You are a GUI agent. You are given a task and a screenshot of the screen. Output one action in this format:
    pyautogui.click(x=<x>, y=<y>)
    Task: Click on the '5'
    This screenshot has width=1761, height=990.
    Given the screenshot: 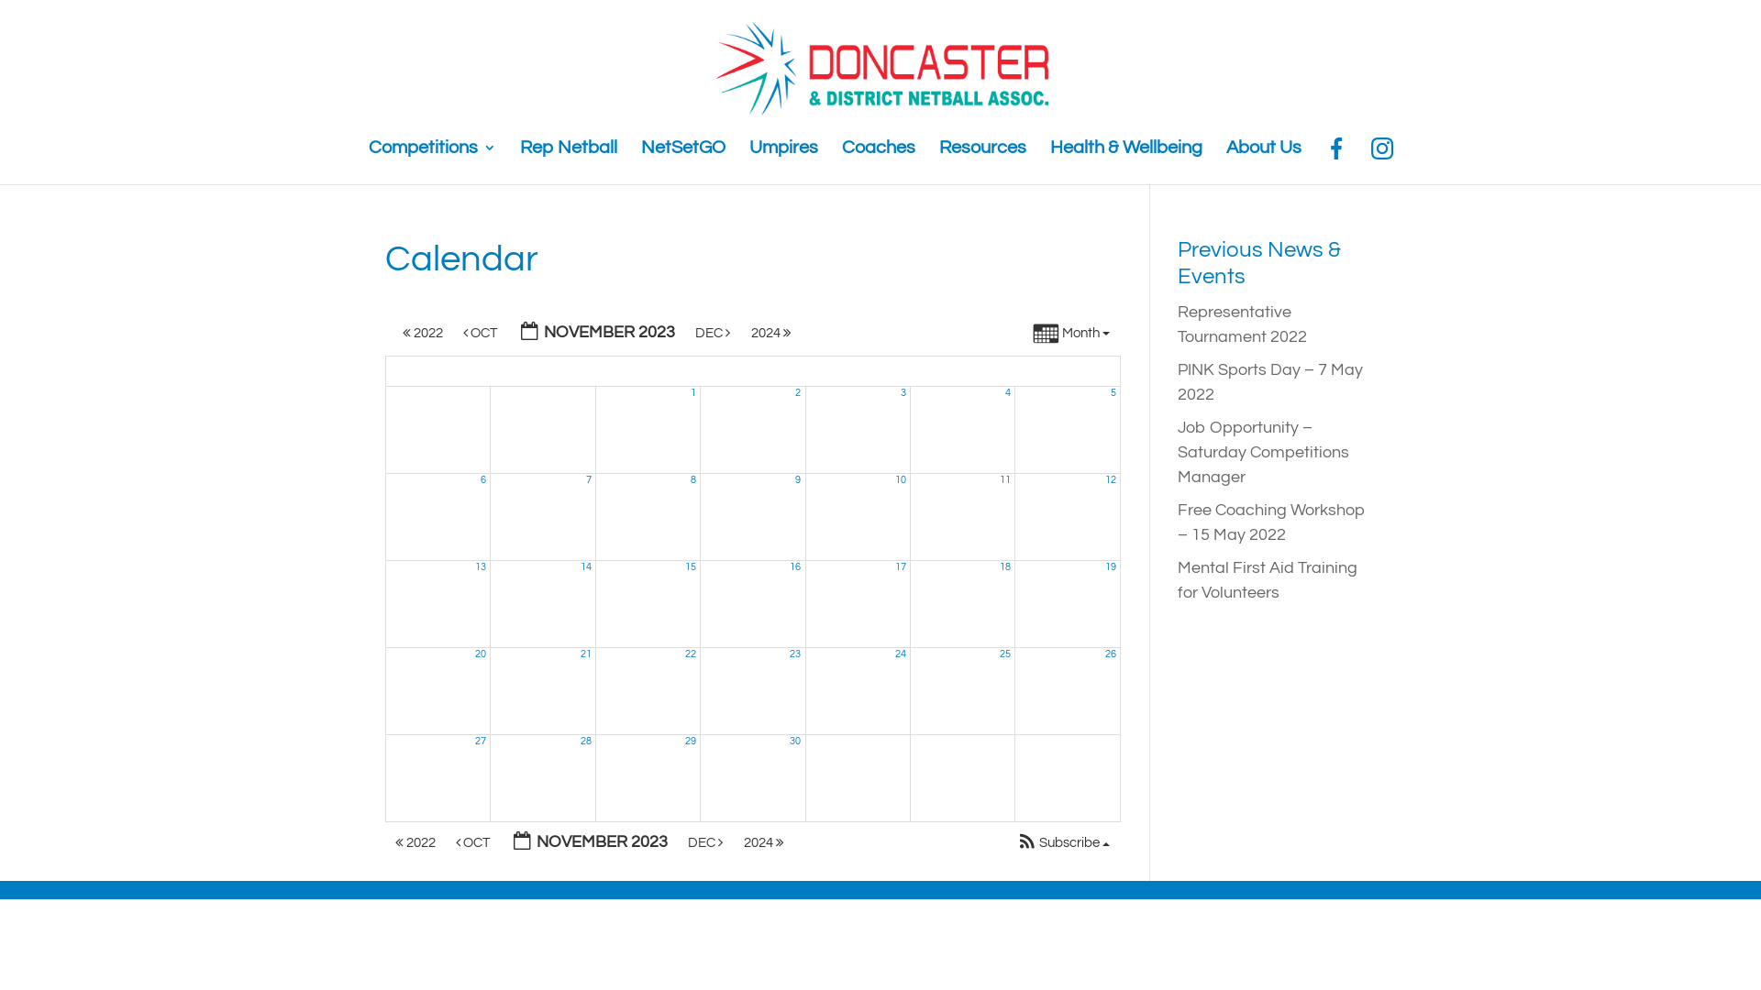 What is the action you would take?
    pyautogui.click(x=1113, y=391)
    